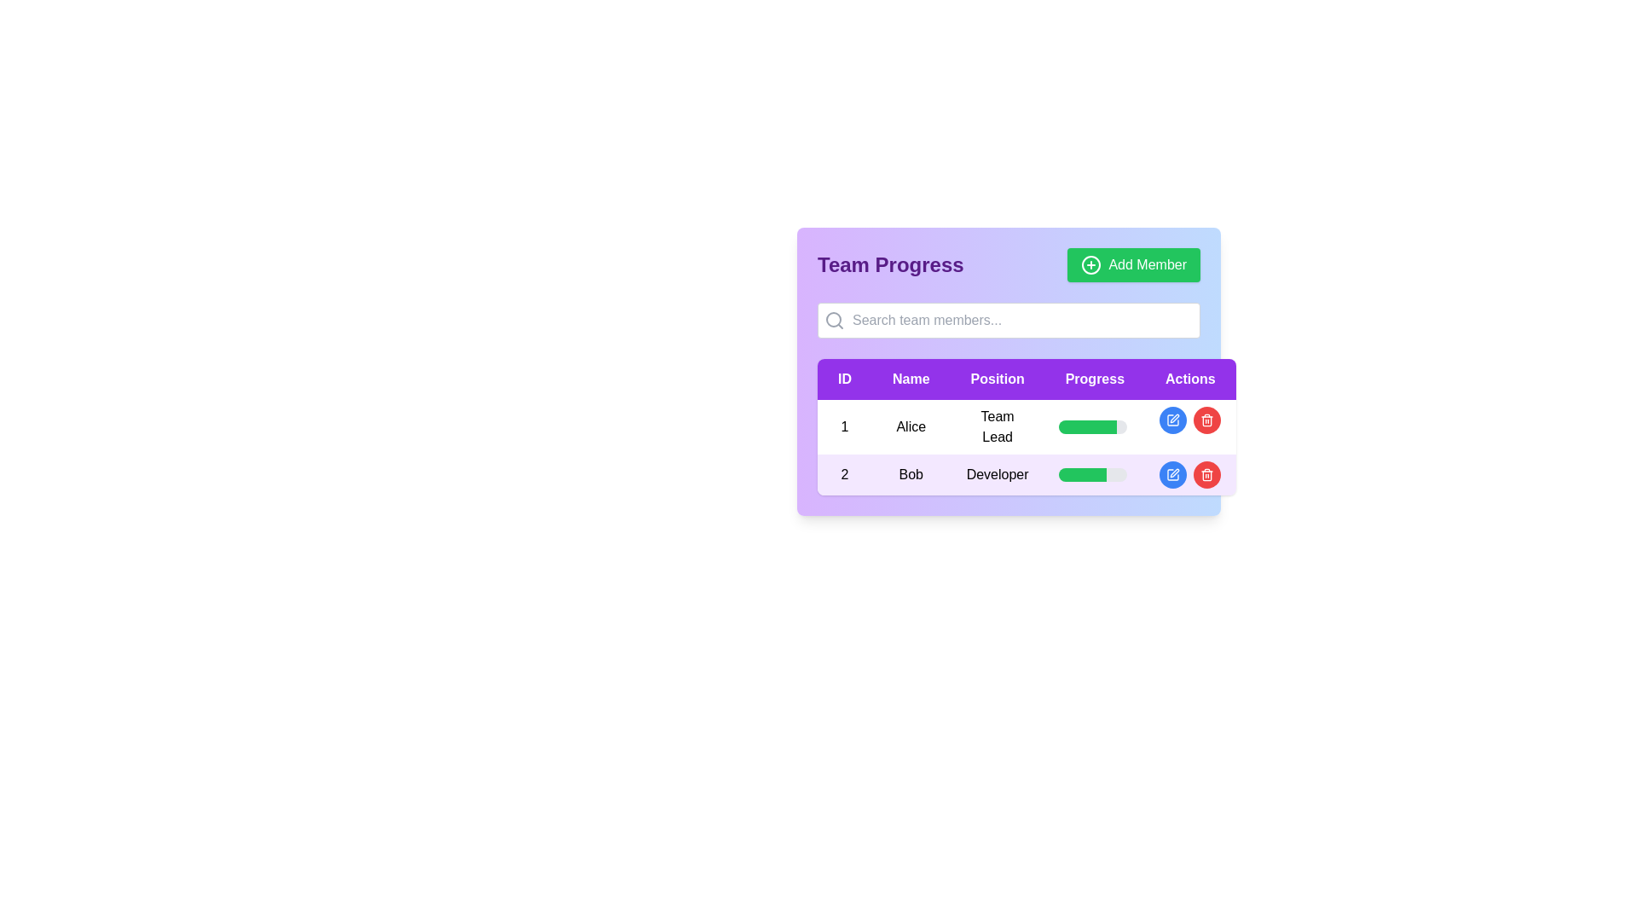 The image size is (1637, 921). Describe the element at coordinates (1206, 474) in the screenshot. I see `the red circular delete button with a trash can icon located in the 'Actions' column of the row for user 'Bob - Developer'` at that location.